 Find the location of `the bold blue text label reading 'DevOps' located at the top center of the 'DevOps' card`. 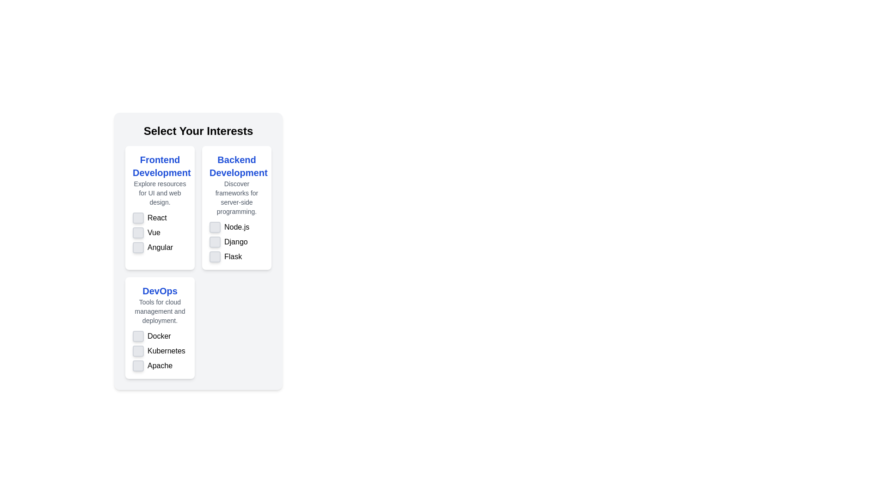

the bold blue text label reading 'DevOps' located at the top center of the 'DevOps' card is located at coordinates (160, 290).